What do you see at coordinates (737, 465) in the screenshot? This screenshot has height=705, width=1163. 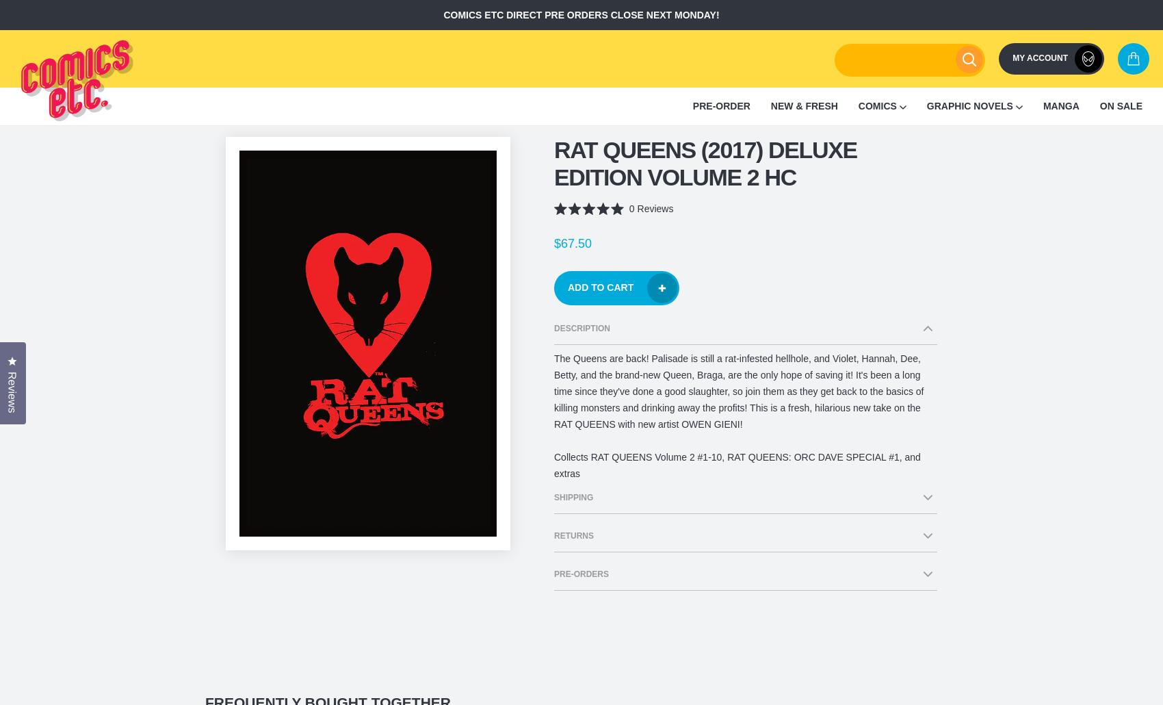 I see `'Collects RAT QUEENS Volume 2 #1-10, RAT QUEENS: ORC DAVE SPECIAL #1, and extras'` at bounding box center [737, 465].